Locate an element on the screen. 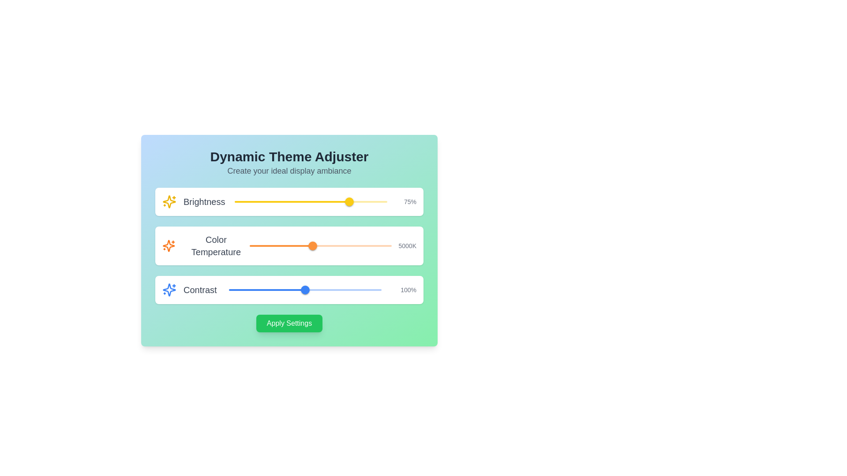  the brightness level of the slider is located at coordinates (286, 202).